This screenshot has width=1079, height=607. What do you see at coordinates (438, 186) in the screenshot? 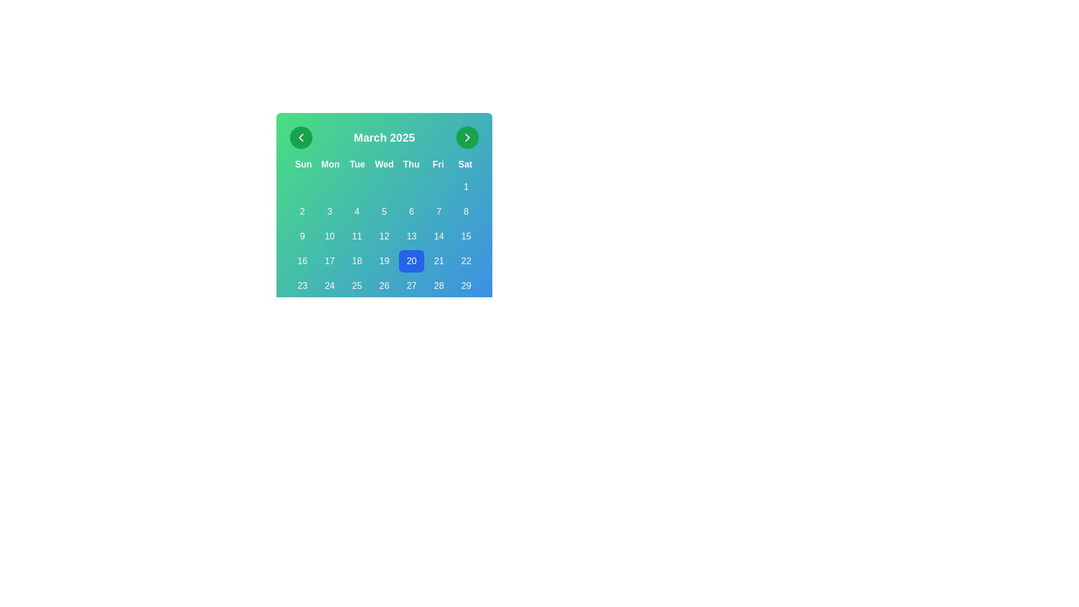
I see `the placeholder or empty cell in the first row of the calendar grid, specifically the sixth cell from the left, which is non-interactive and indicates a cell that does not belong to the current month` at bounding box center [438, 186].